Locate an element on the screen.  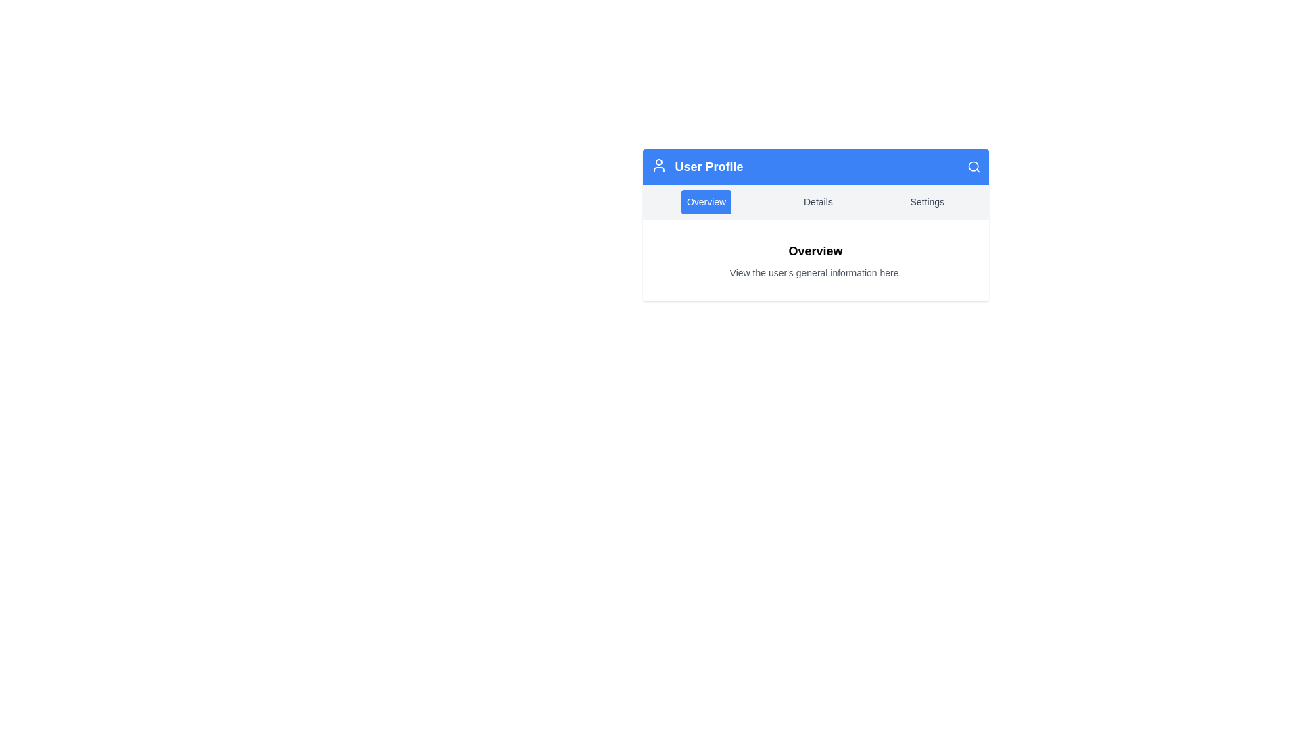
the 'Settings' button, which is the third button in a row of three buttons labeled 'Overview', 'Details', and 'Settings', located in the top middle section of the UI is located at coordinates (926, 202).